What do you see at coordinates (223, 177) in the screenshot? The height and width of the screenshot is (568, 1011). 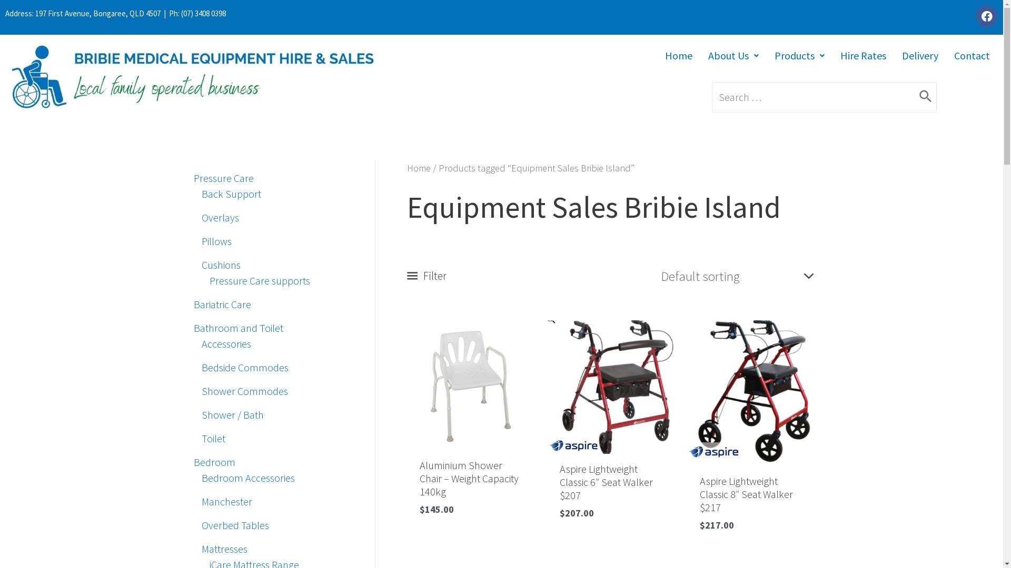 I see `'Pressure Care'` at bounding box center [223, 177].